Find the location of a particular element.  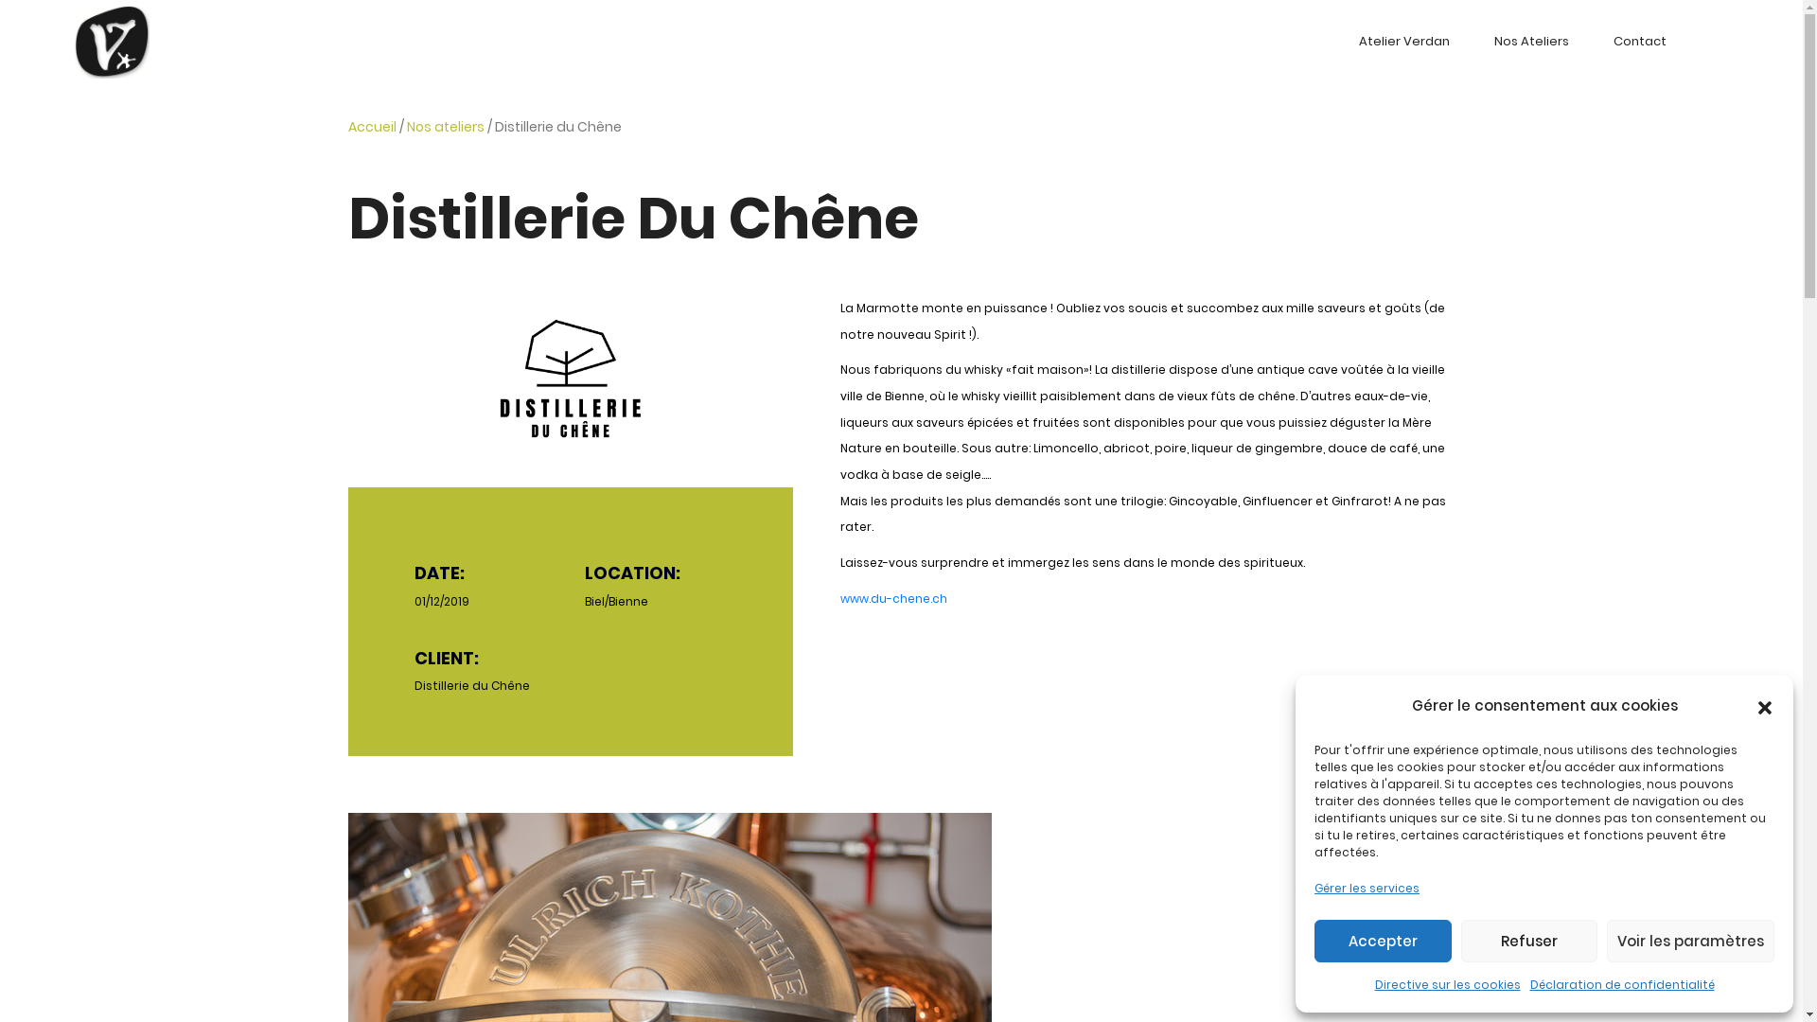

'Atelier Verdan' is located at coordinates (1403, 41).